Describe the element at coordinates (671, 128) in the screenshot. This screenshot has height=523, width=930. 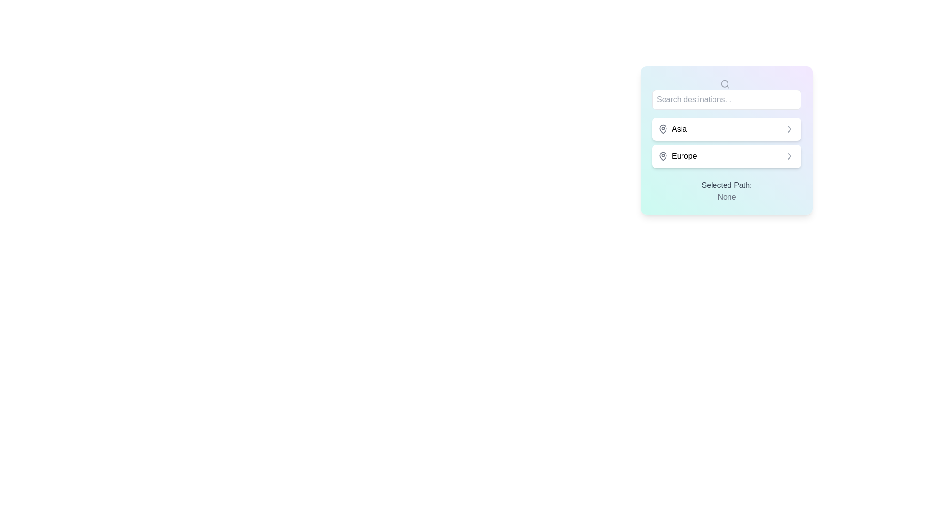
I see `the 'Asia' text label located in the second row of the vertical list of selectable options, adjacent to the gray pin-shaped icon` at that location.